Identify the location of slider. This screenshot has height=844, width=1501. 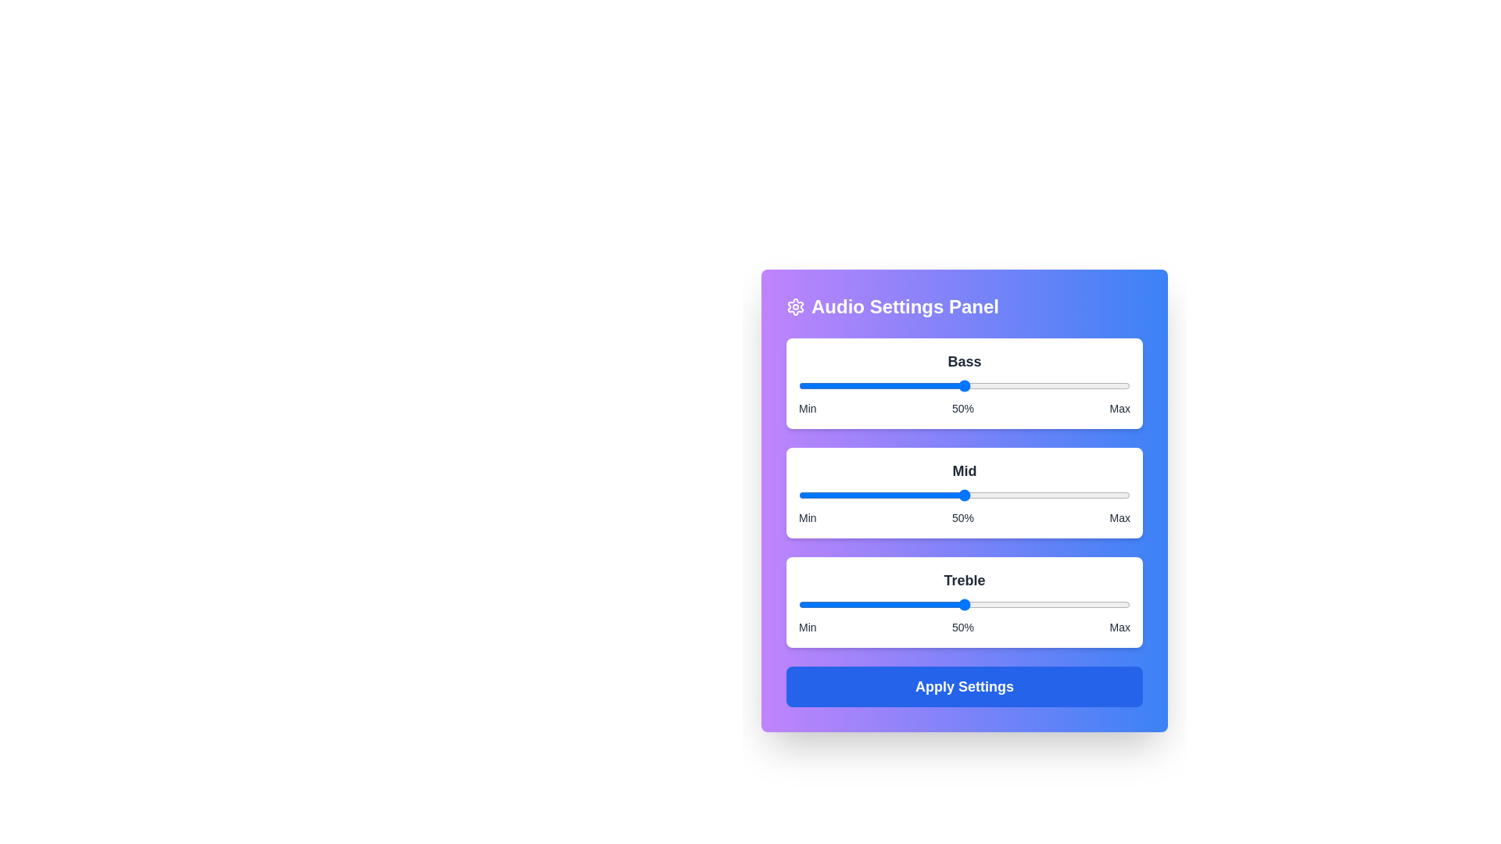
(925, 495).